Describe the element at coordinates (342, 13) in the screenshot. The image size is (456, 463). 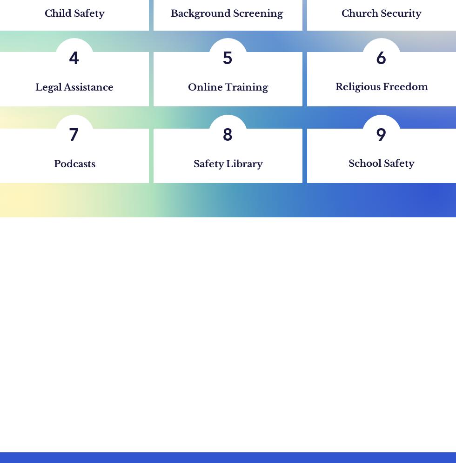
I see `'Church Security'` at that location.